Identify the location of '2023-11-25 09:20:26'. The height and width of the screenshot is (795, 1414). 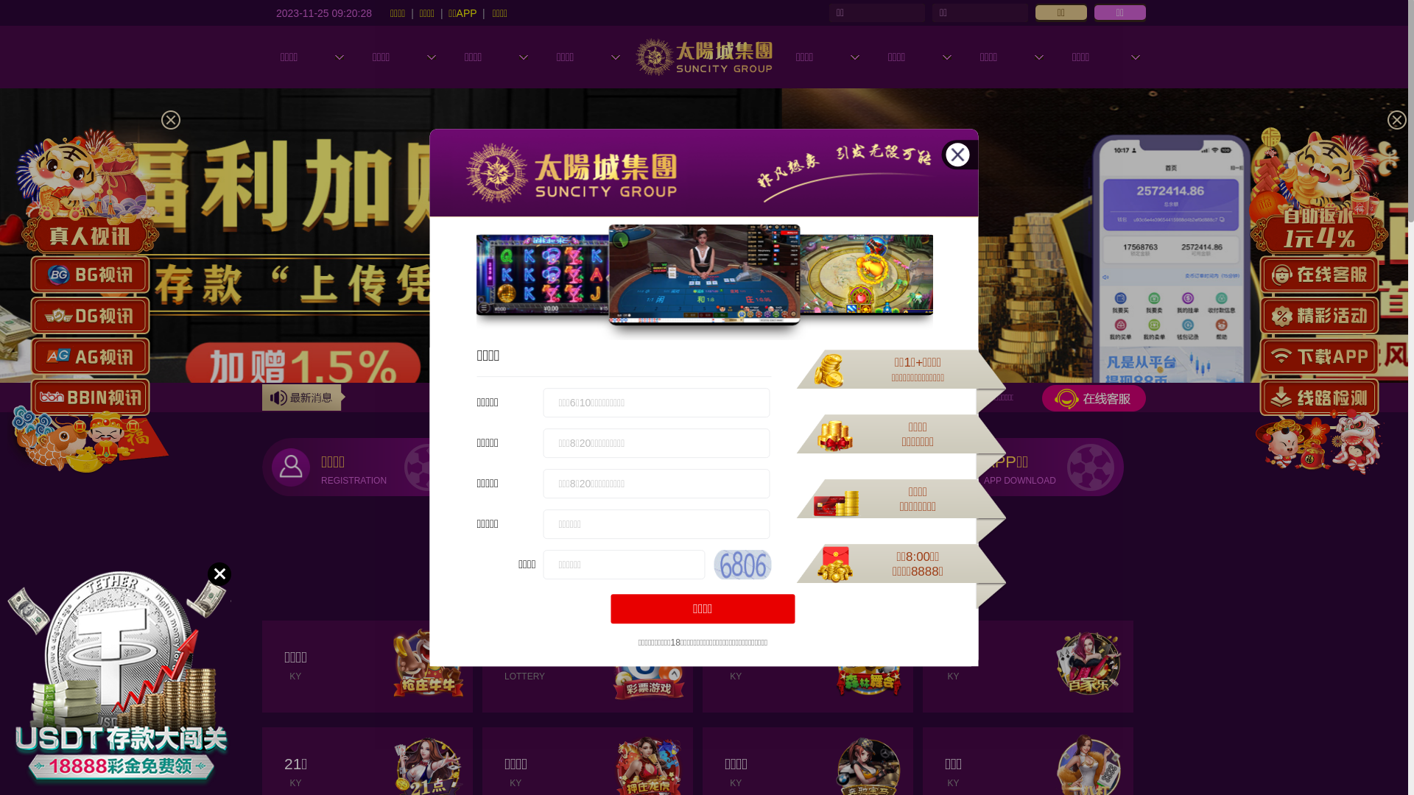
(323, 12).